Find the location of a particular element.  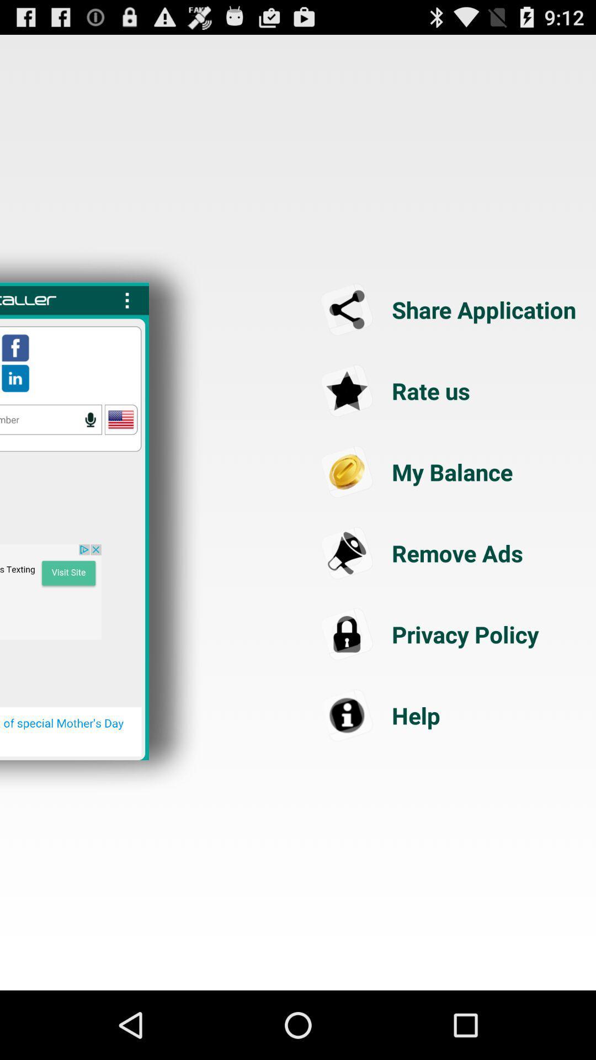

speak with words is located at coordinates (51, 419).